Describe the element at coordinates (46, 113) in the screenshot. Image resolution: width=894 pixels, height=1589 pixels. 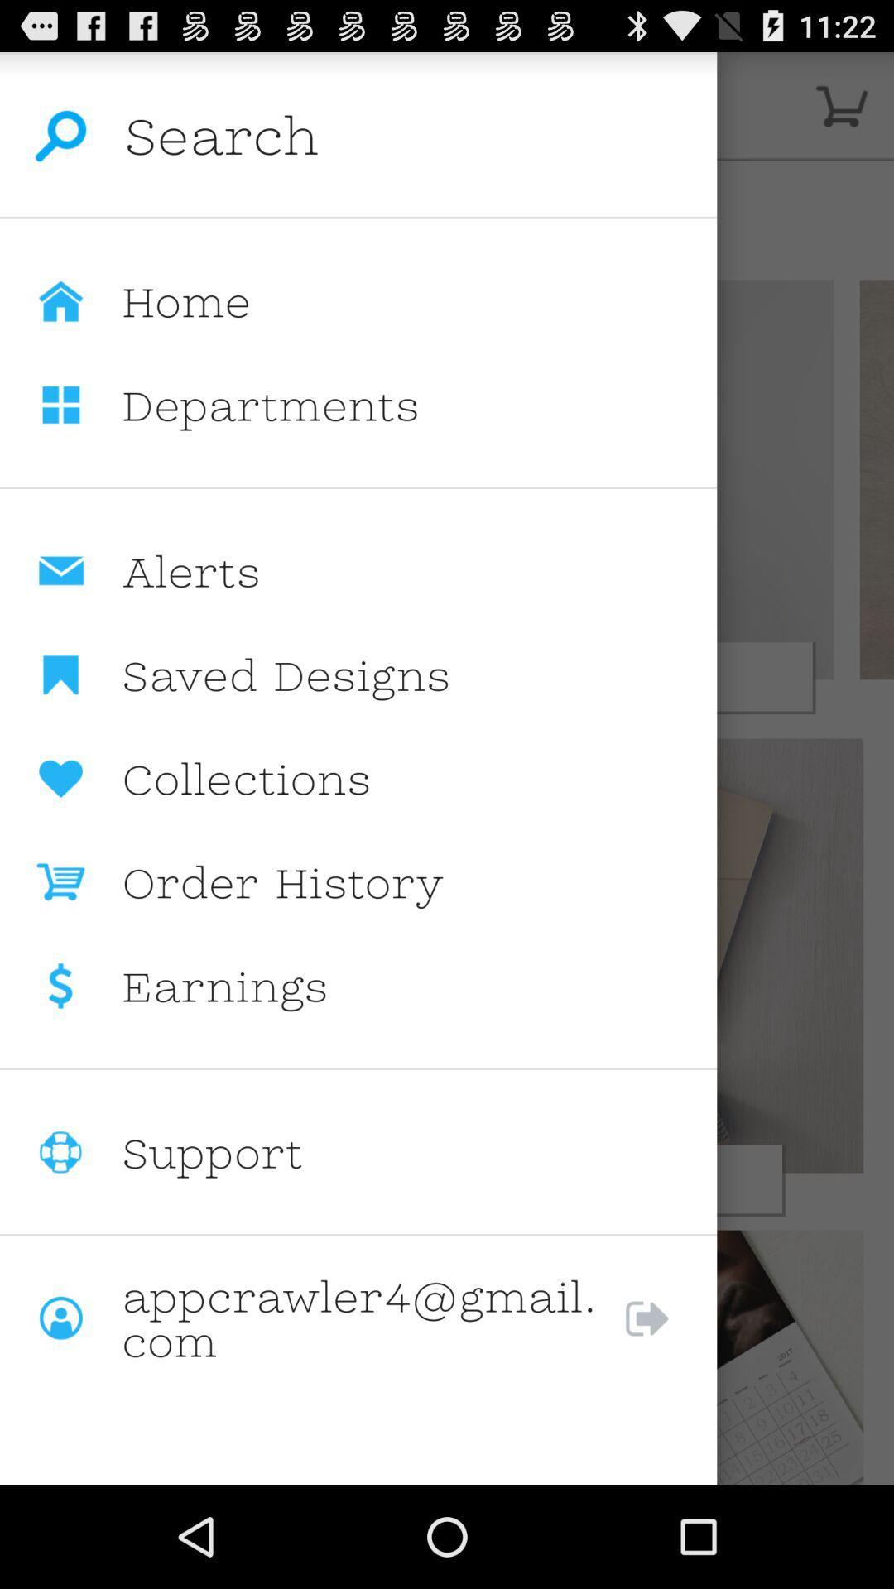
I see `the search icon` at that location.